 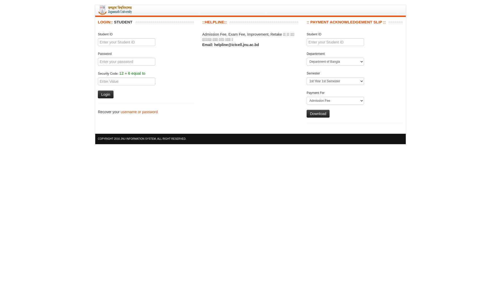 What do you see at coordinates (139, 111) in the screenshot?
I see `'username or password'` at bounding box center [139, 111].